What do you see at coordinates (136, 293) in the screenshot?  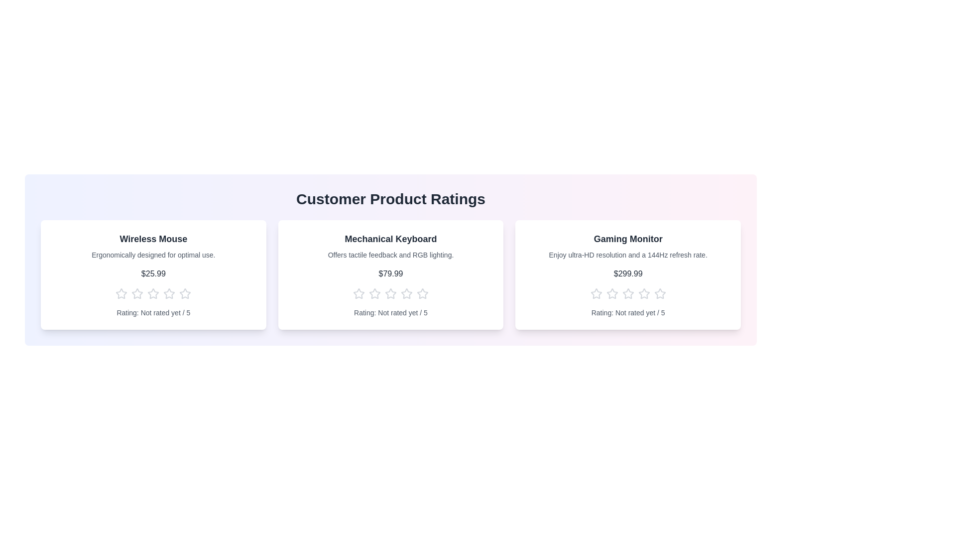 I see `the star corresponding to the rating 2 for the product Wireless Mouse` at bounding box center [136, 293].